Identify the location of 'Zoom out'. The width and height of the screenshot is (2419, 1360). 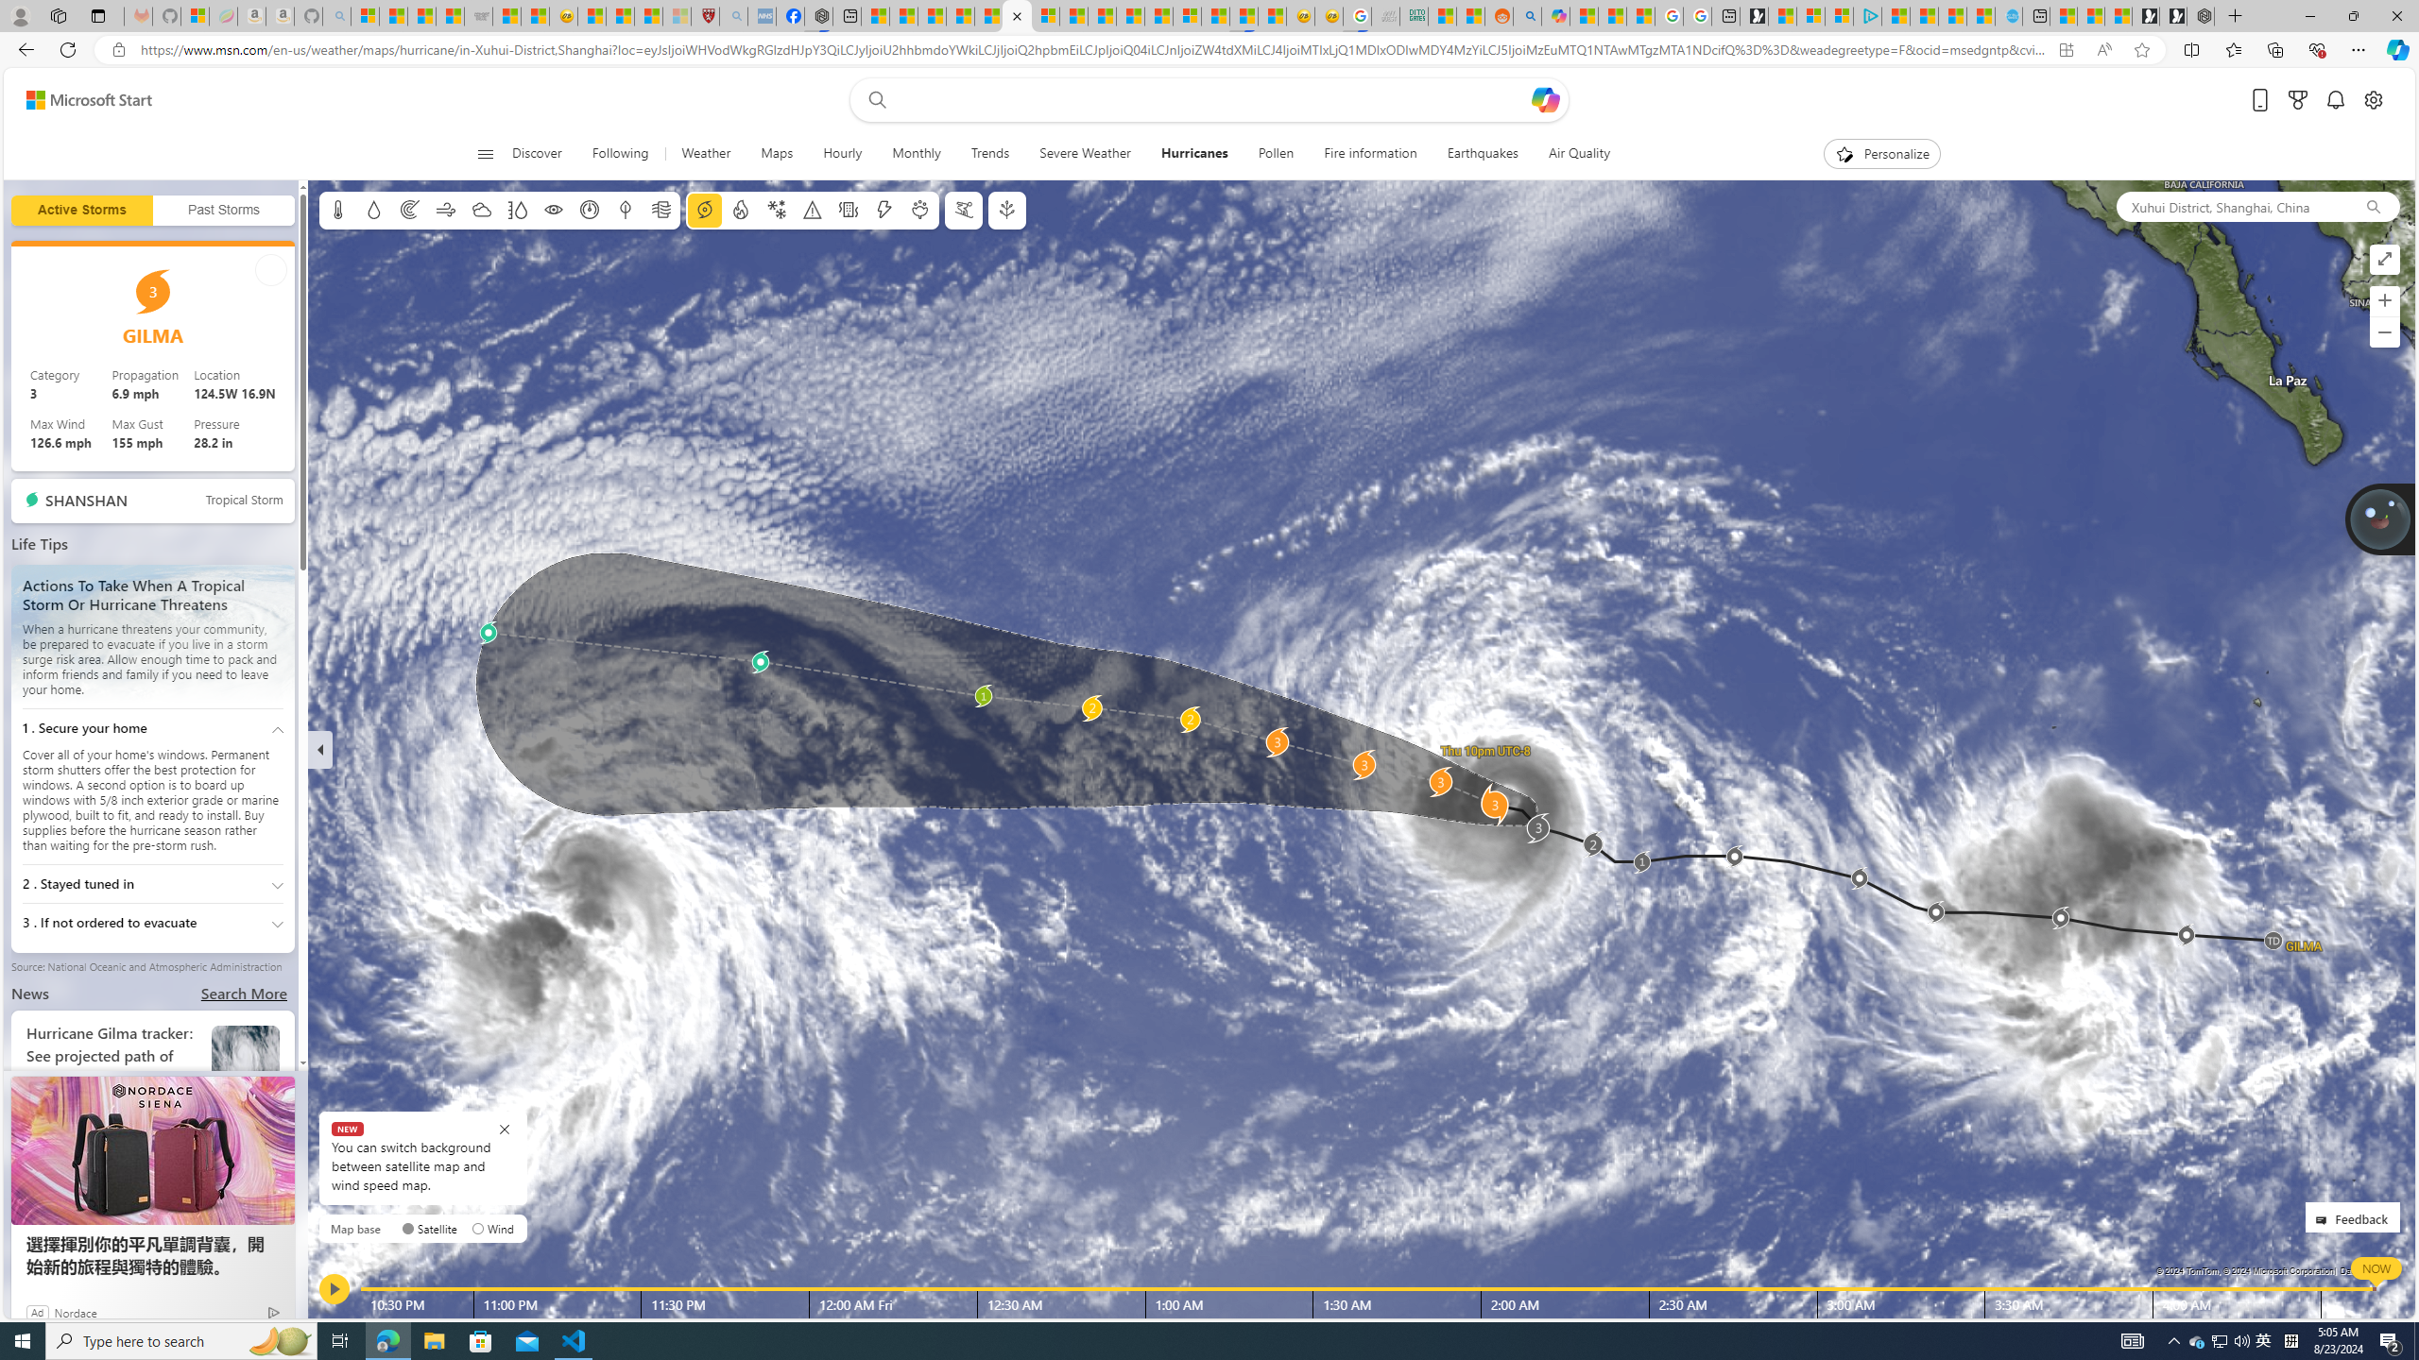
(2384, 332).